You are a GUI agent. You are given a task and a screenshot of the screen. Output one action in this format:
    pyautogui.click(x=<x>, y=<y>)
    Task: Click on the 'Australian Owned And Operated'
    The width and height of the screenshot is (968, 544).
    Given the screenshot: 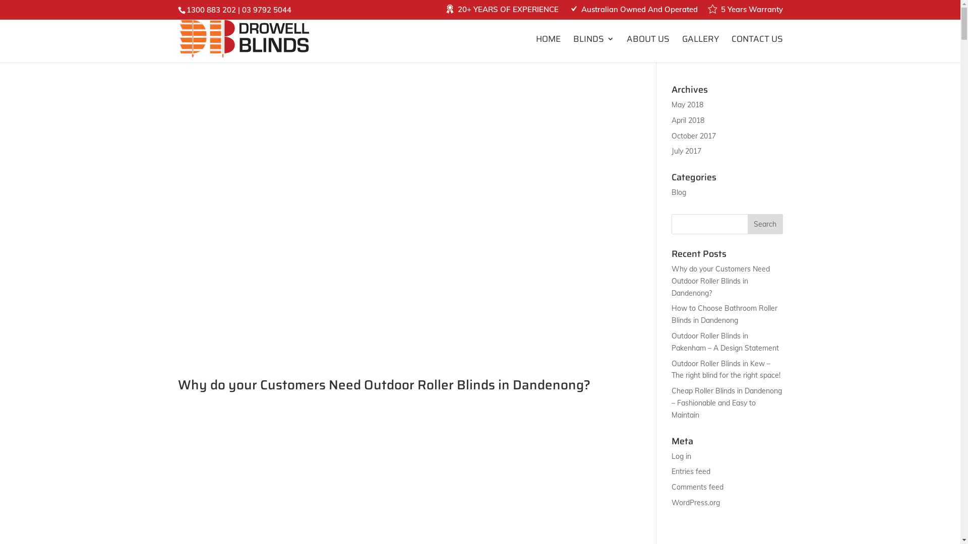 What is the action you would take?
    pyautogui.click(x=632, y=12)
    